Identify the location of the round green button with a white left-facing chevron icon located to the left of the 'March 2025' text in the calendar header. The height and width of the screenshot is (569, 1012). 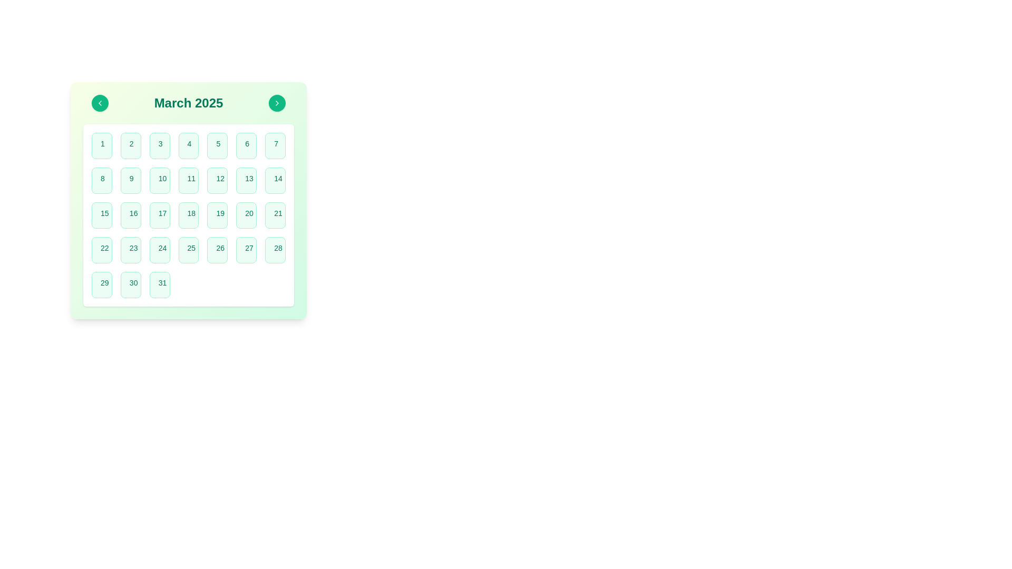
(100, 103).